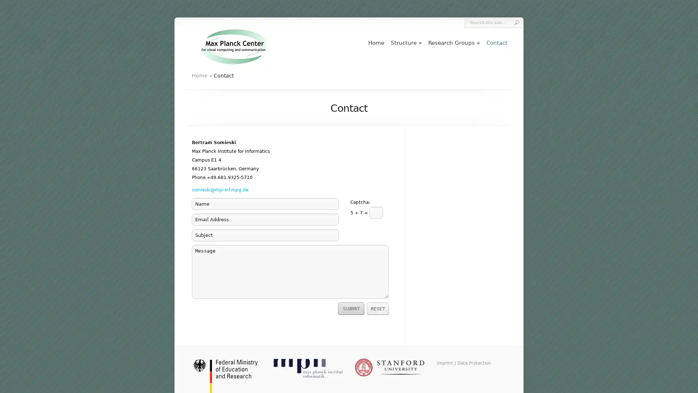  I want to click on Submit, so click(516, 22).